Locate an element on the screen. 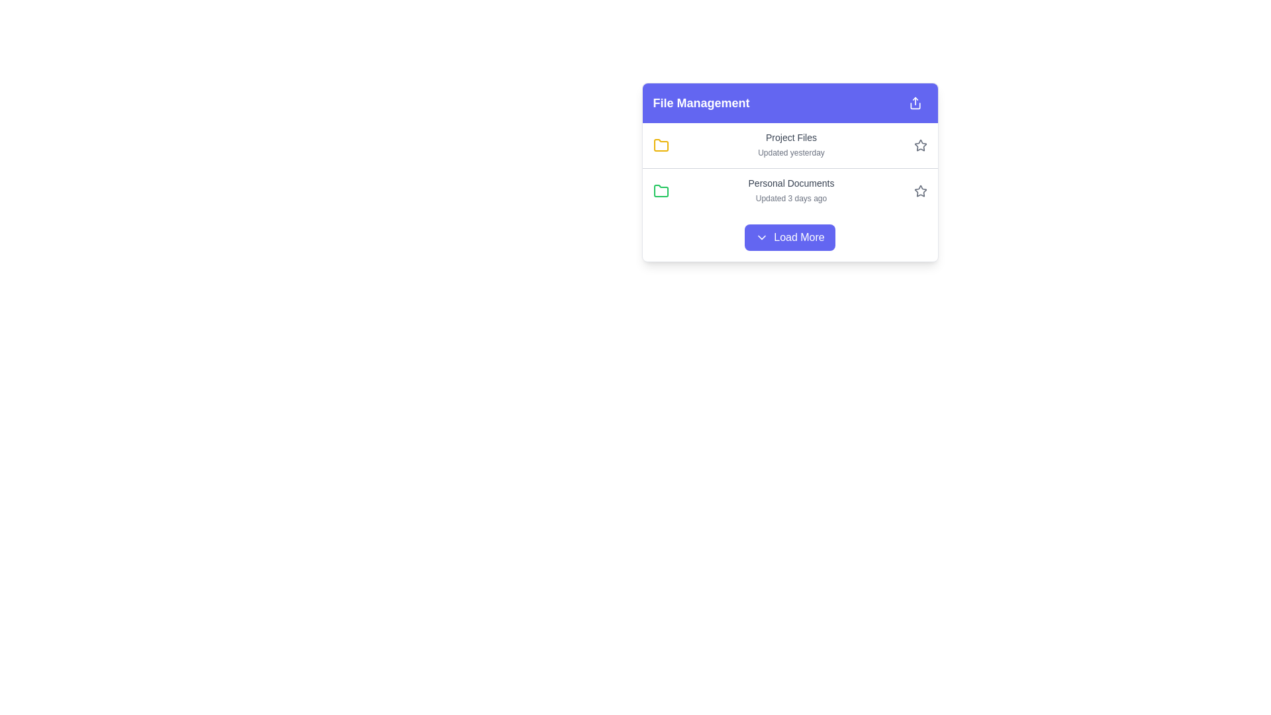 The image size is (1271, 715). the share icon, which is a small square icon with an upward arrow on a purple background, located in the top-right corner of the File Management panel is located at coordinates (914, 102).